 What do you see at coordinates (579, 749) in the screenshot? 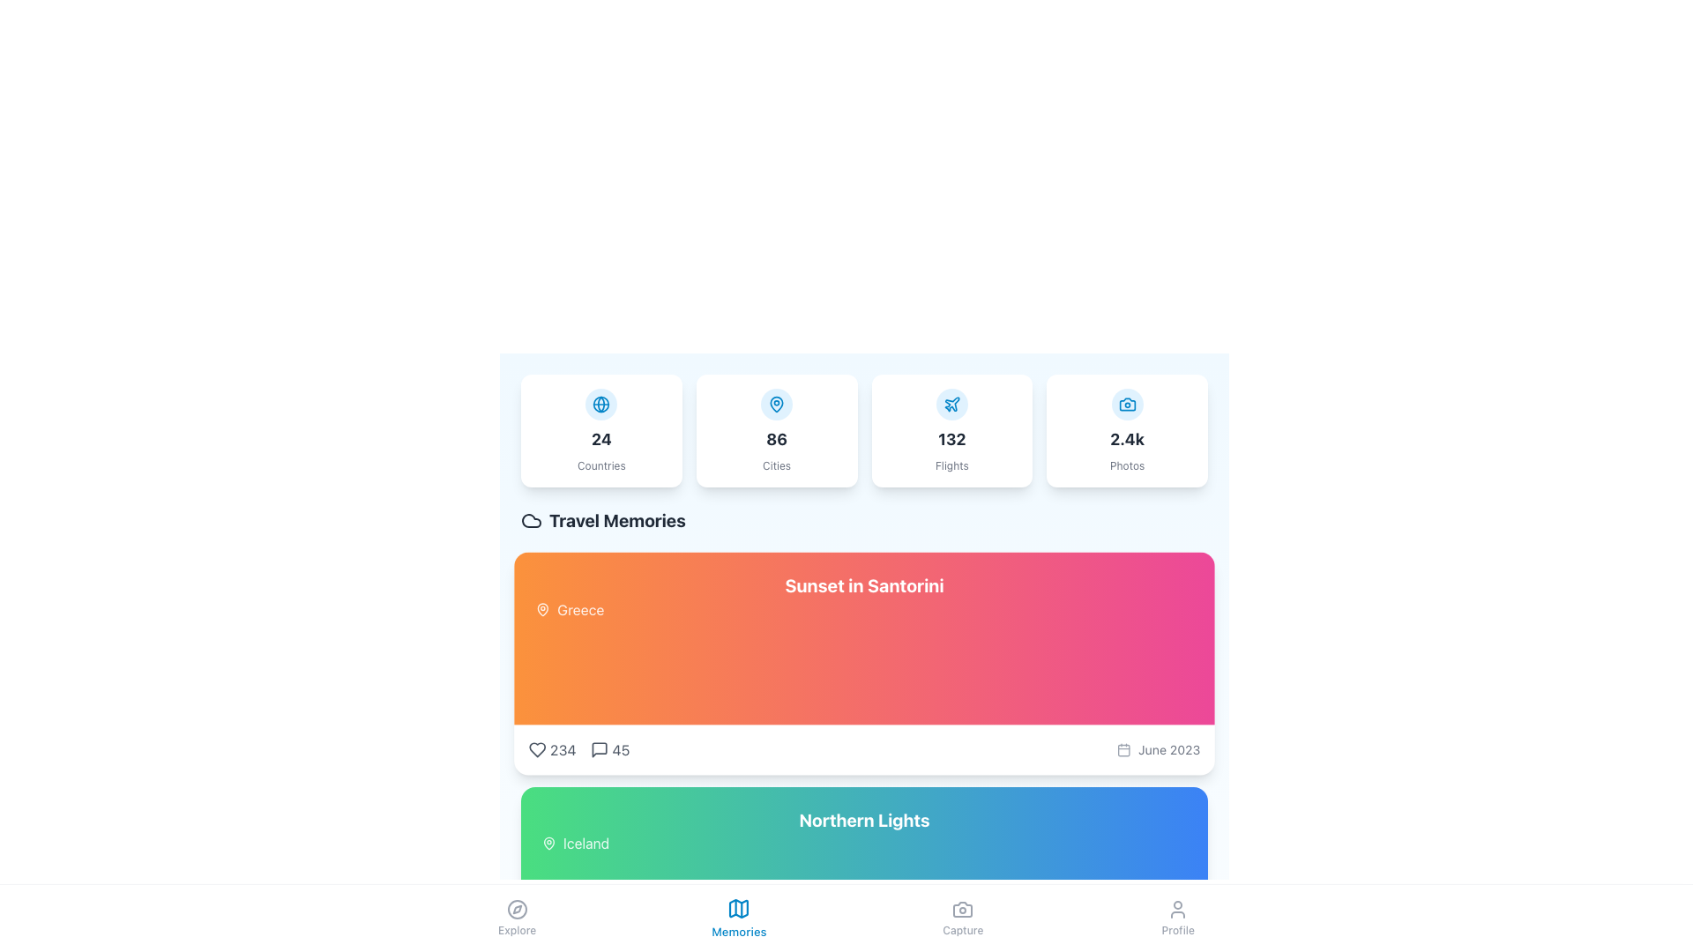
I see `the composite element displaying likes and comments for the 'Sunset in Santorini' travel memory located below the content and next to the location name, Greece` at bounding box center [579, 749].